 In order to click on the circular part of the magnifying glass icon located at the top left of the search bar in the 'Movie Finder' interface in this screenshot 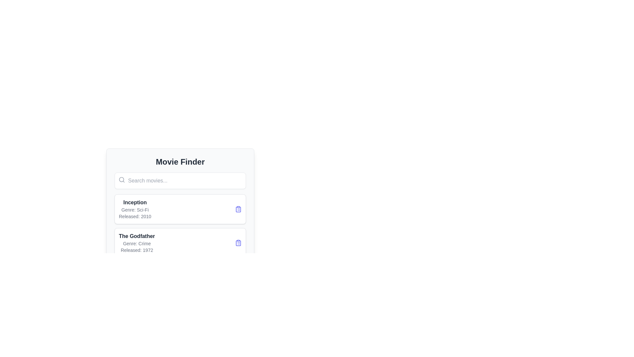, I will do `click(122, 179)`.